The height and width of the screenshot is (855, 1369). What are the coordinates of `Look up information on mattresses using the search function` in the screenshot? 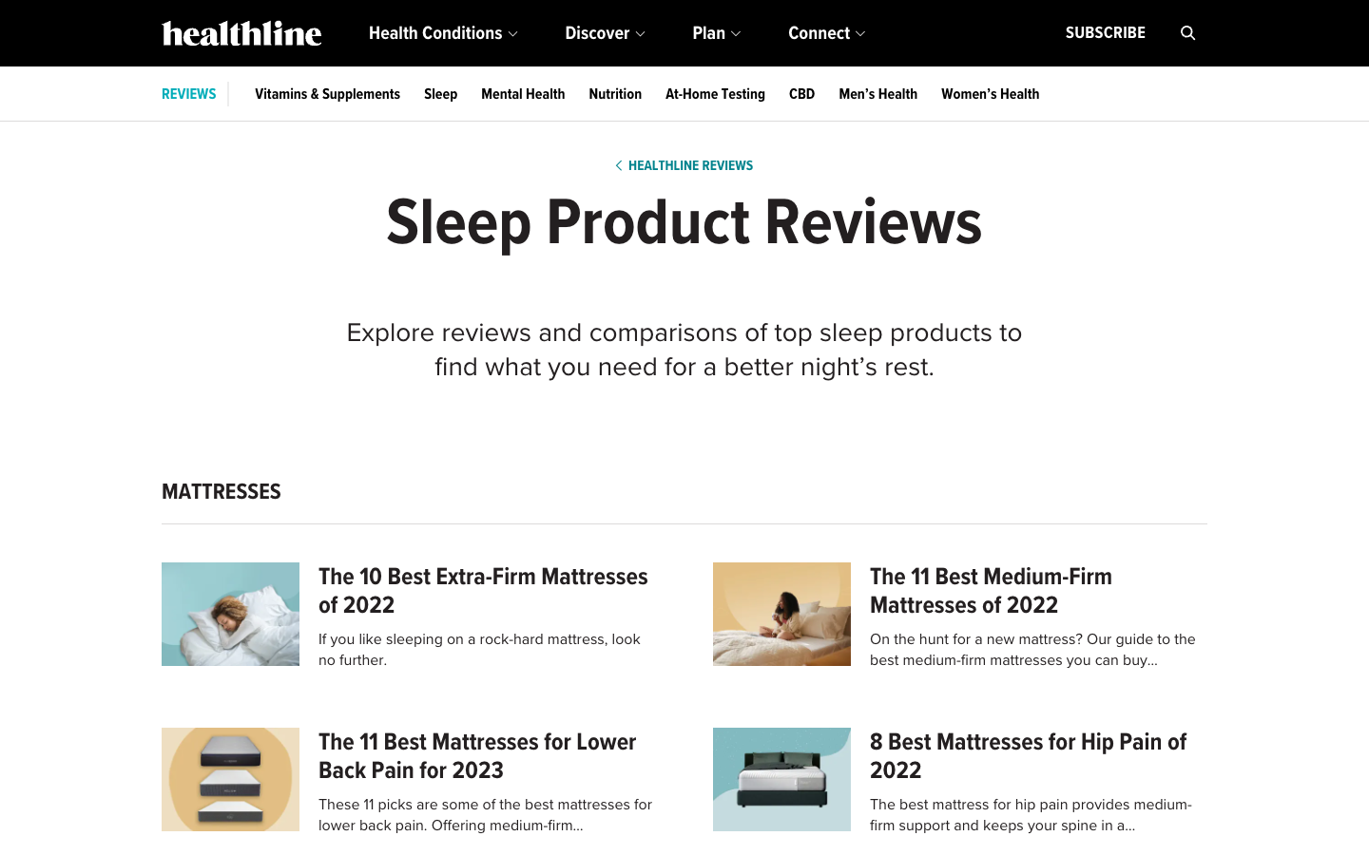 It's located at (1187, 32).